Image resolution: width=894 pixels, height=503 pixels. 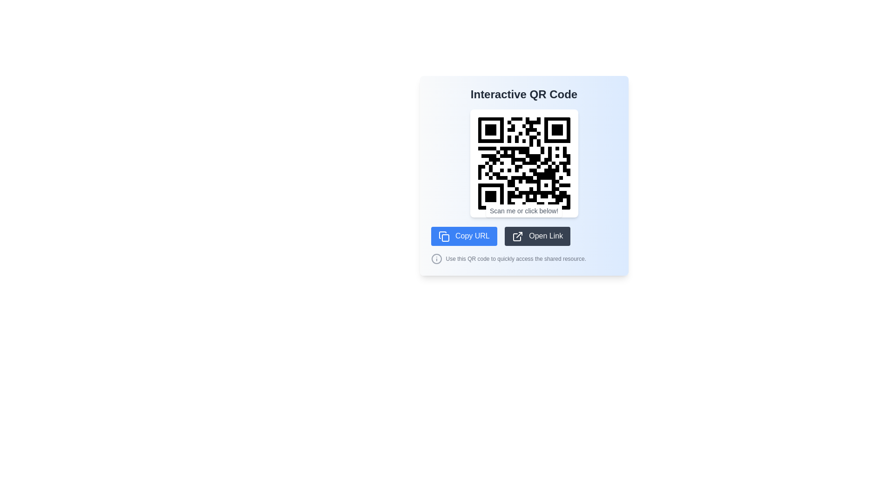 I want to click on the text label or heading that serves as a header for the QR code section, which is positioned at the top center above the QR code component, so click(x=524, y=95).